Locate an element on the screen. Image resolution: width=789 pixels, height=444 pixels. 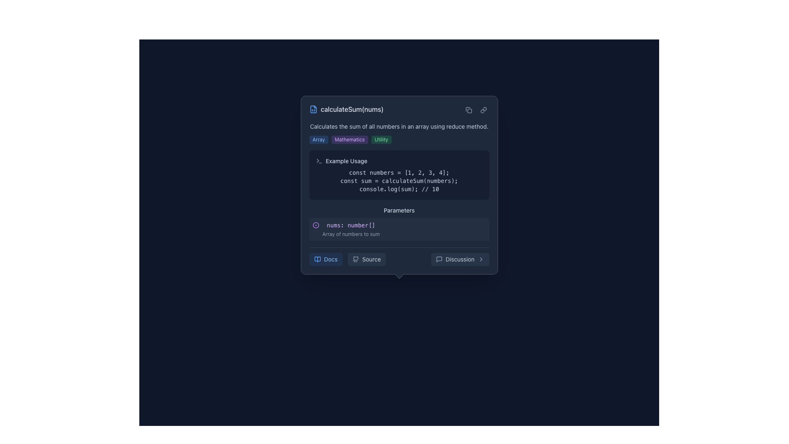
the text label reading 'Example Usage' styled with small text size and slate gray color, located in the upper section of a pop-up interface is located at coordinates (346, 161).